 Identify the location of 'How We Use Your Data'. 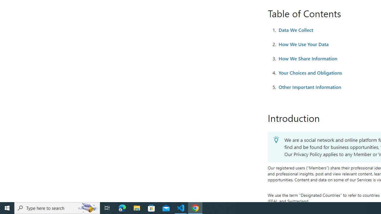
(303, 44).